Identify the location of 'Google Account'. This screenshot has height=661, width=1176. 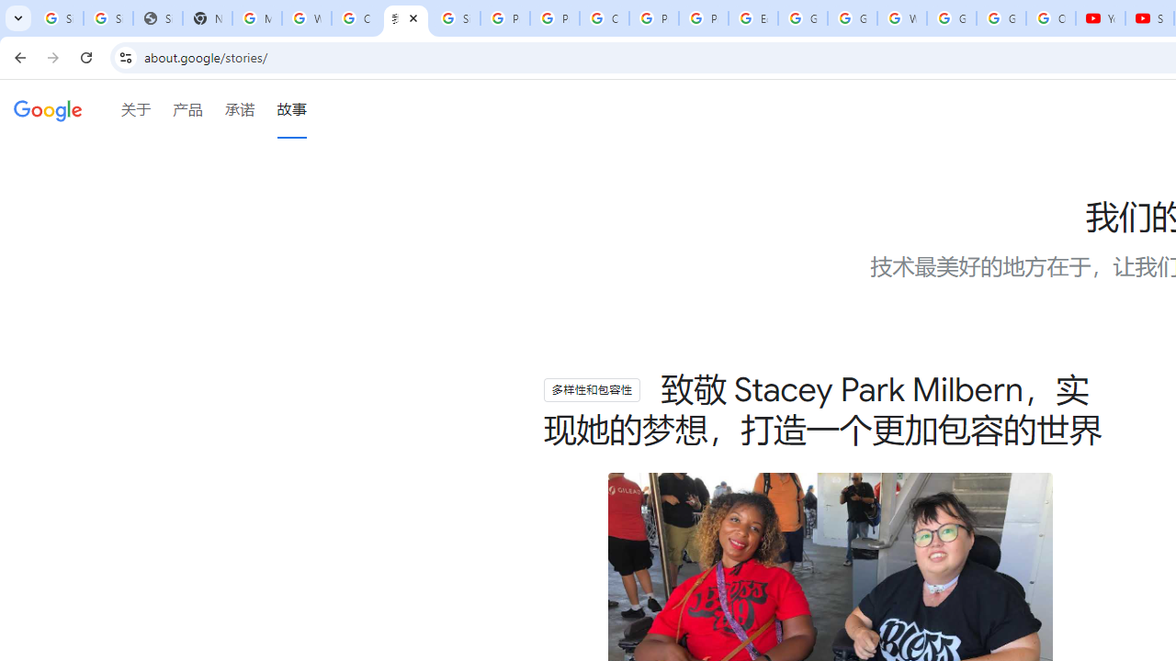
(1000, 18).